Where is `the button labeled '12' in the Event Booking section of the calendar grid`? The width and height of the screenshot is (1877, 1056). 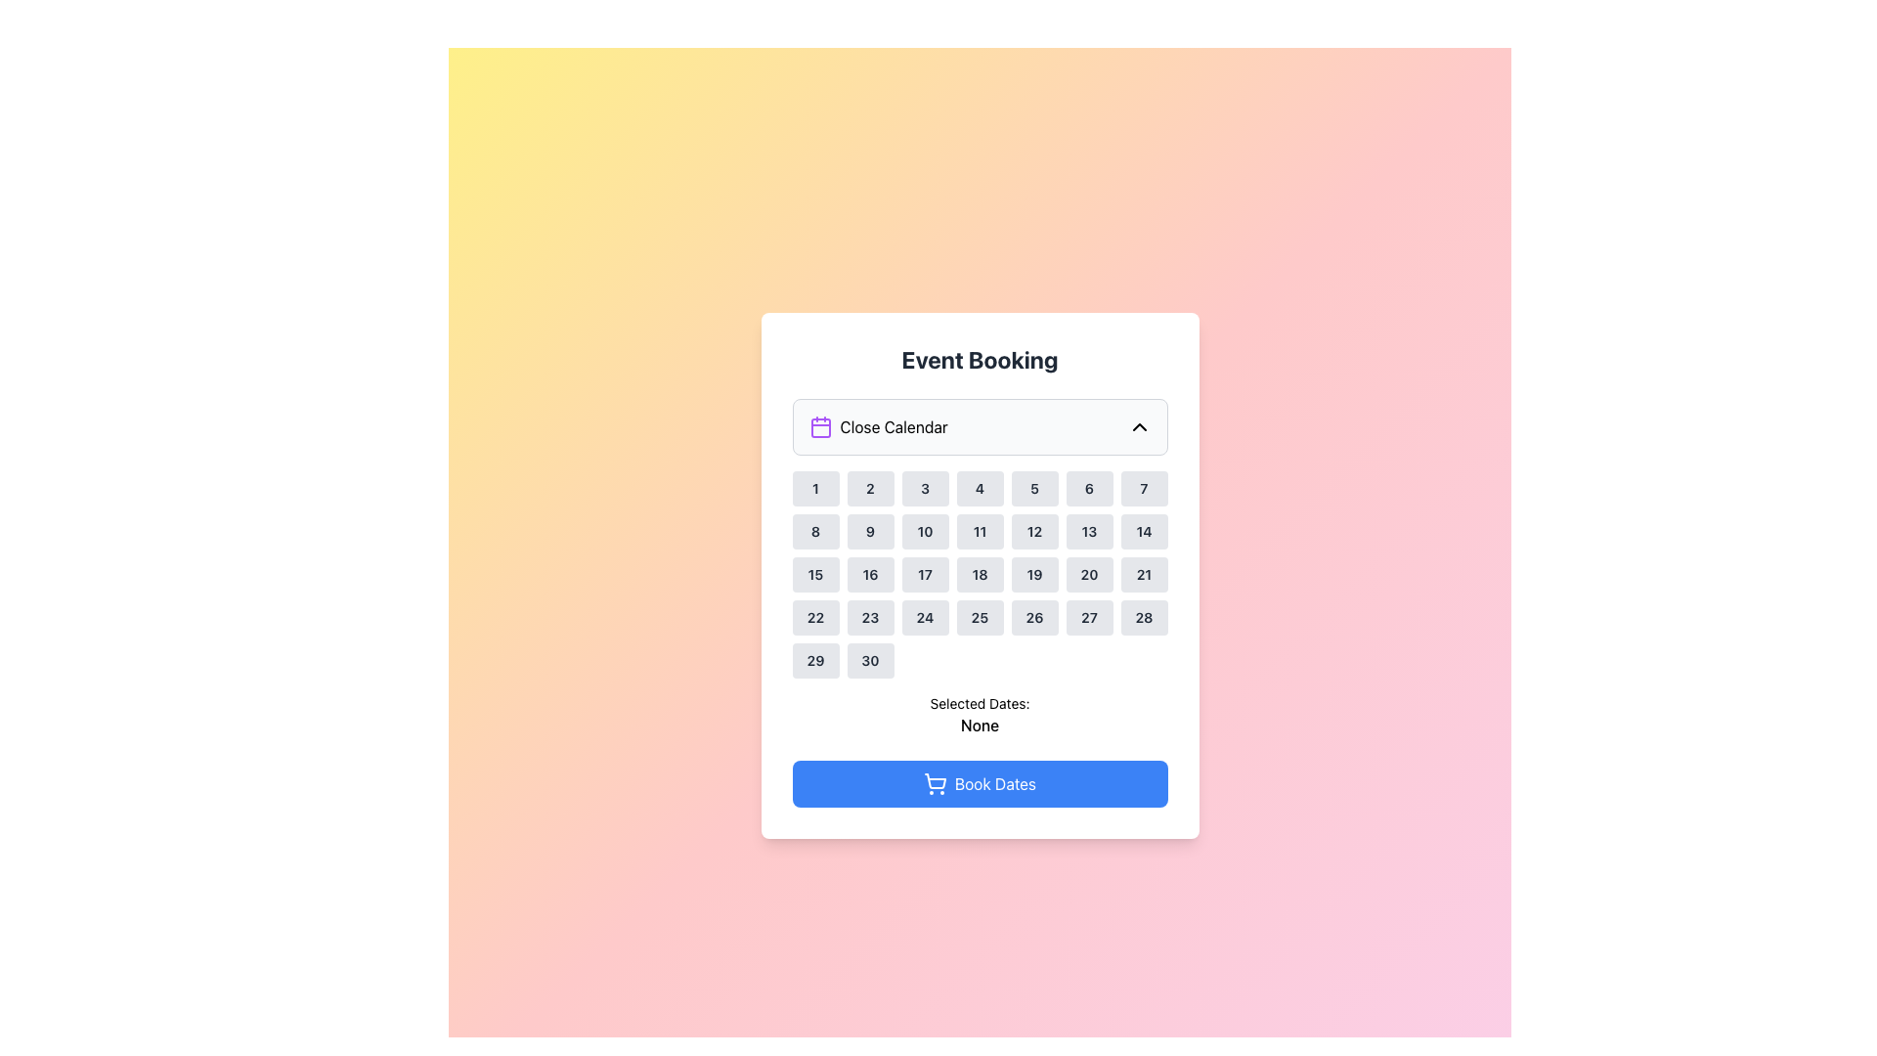
the button labeled '12' in the Event Booking section of the calendar grid is located at coordinates (1033, 531).